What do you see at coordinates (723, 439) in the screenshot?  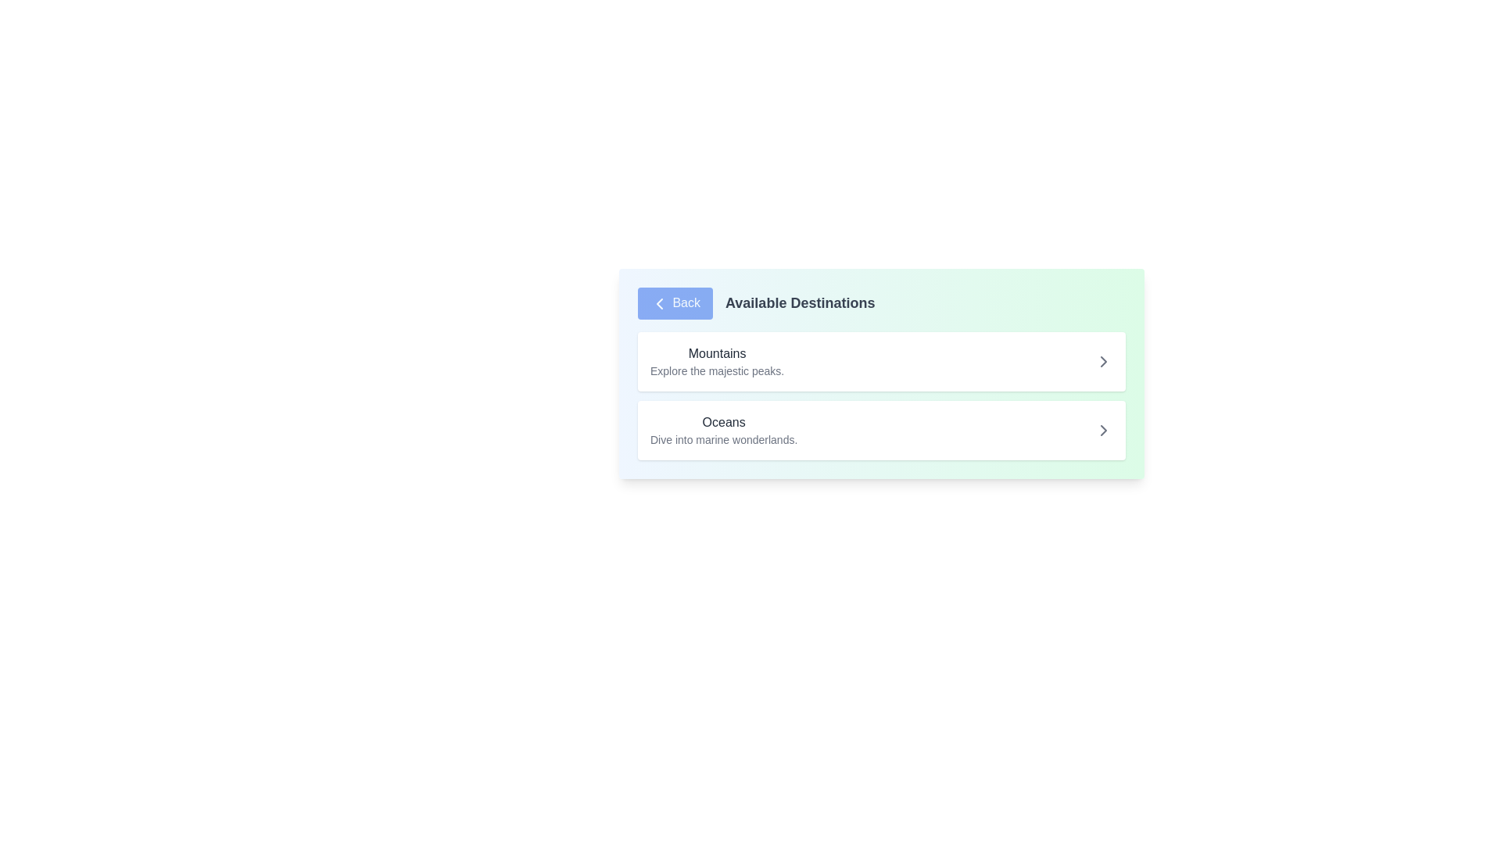 I see `the Text Label that contains the content 'Dive into marine wonderlands.' which is styled in a smaller gray font and located under the heading 'Oceans'` at bounding box center [723, 439].